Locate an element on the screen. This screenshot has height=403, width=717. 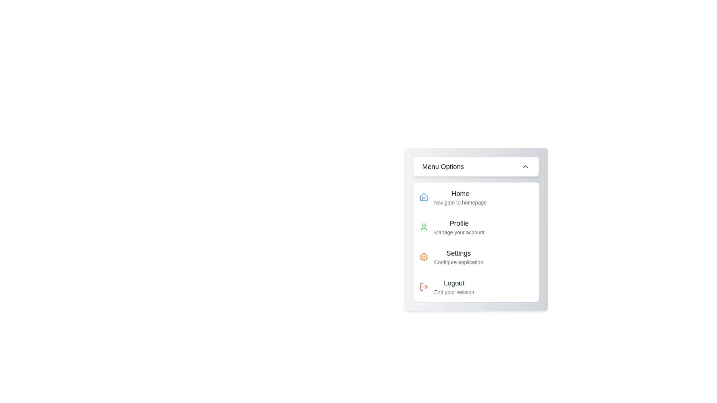
the triangular arrow shape element of the 'Logout' menu icon within the SVG graphic is located at coordinates (426, 286).